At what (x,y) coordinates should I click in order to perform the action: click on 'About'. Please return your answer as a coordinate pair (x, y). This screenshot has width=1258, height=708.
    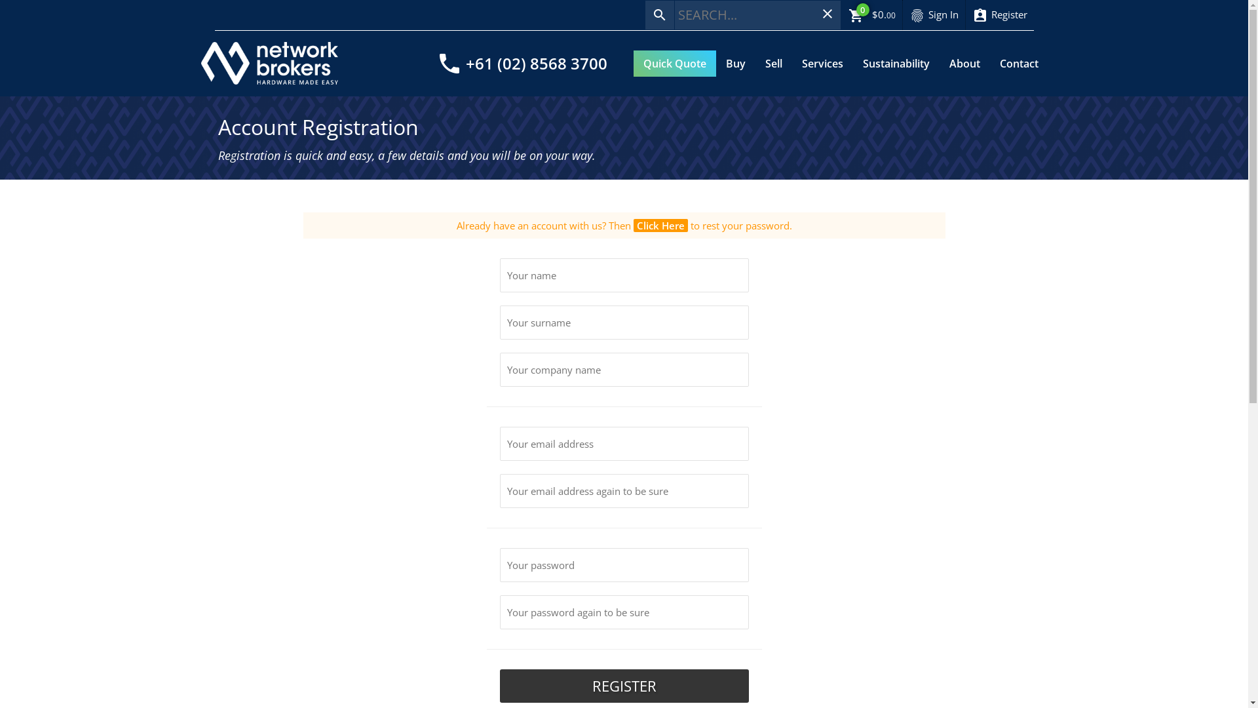
    Looking at the image, I should click on (939, 63).